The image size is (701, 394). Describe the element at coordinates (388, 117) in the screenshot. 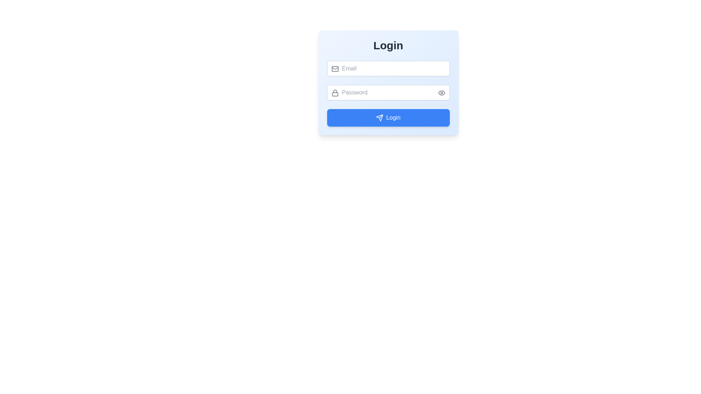

I see `the submission button located at the bottom of the 'Login' card, which triggers the hover effect` at that location.